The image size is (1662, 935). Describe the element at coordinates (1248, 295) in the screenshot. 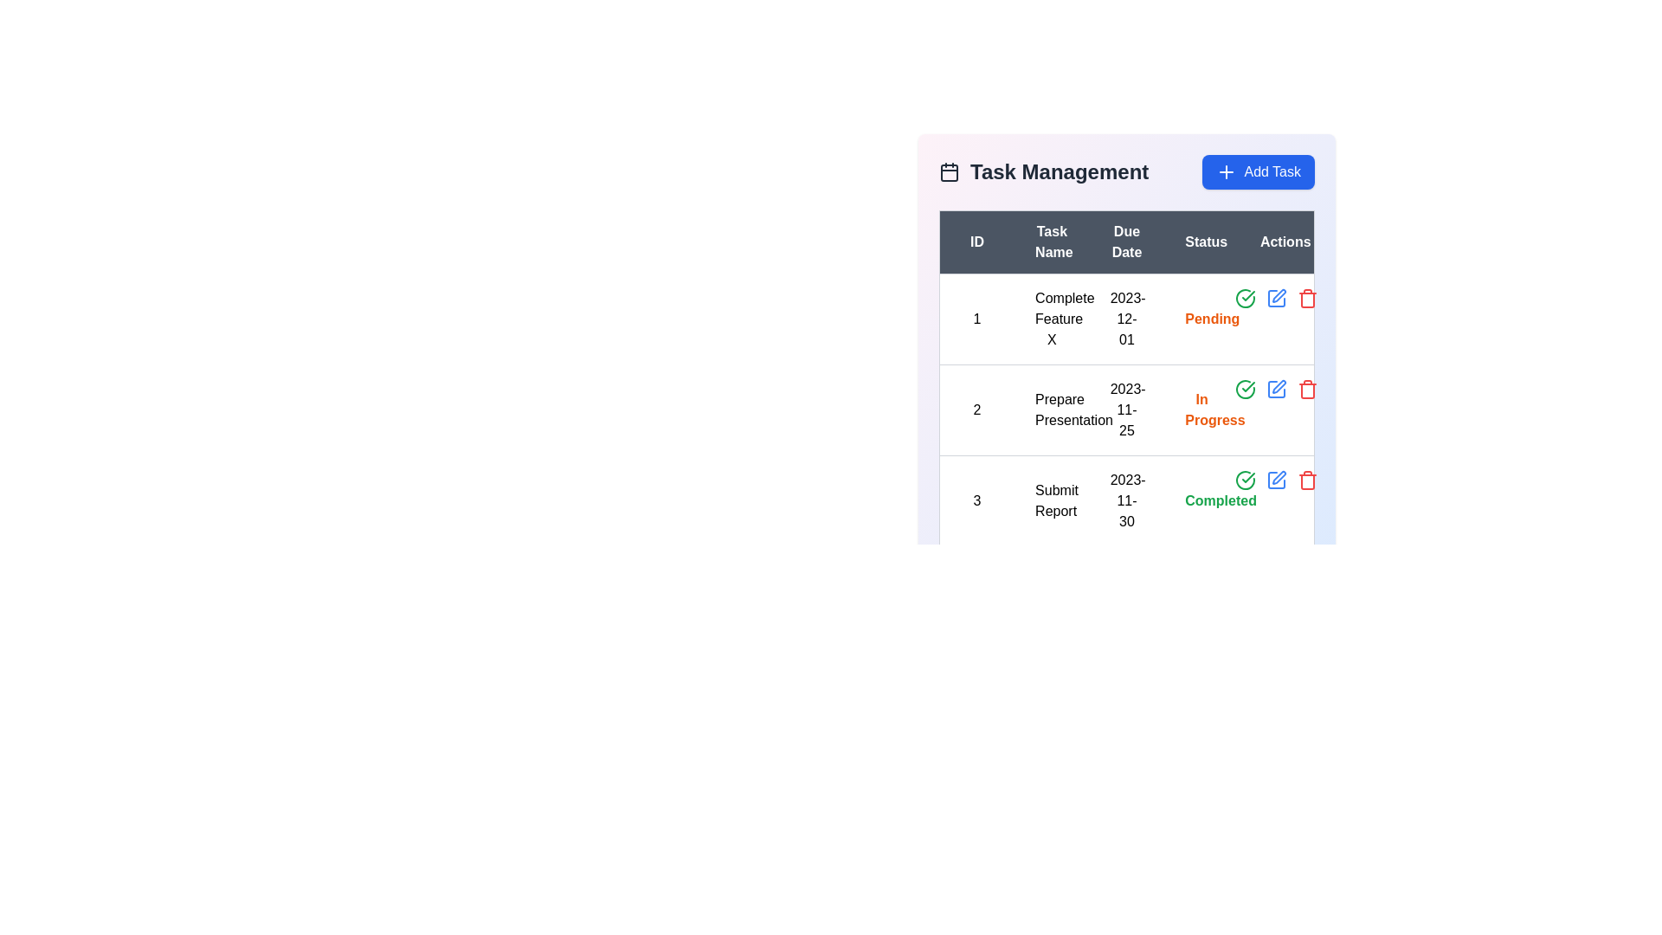

I see `the confirmation/completed status icon located in the 'Actions' column of the third row in the task table` at that location.